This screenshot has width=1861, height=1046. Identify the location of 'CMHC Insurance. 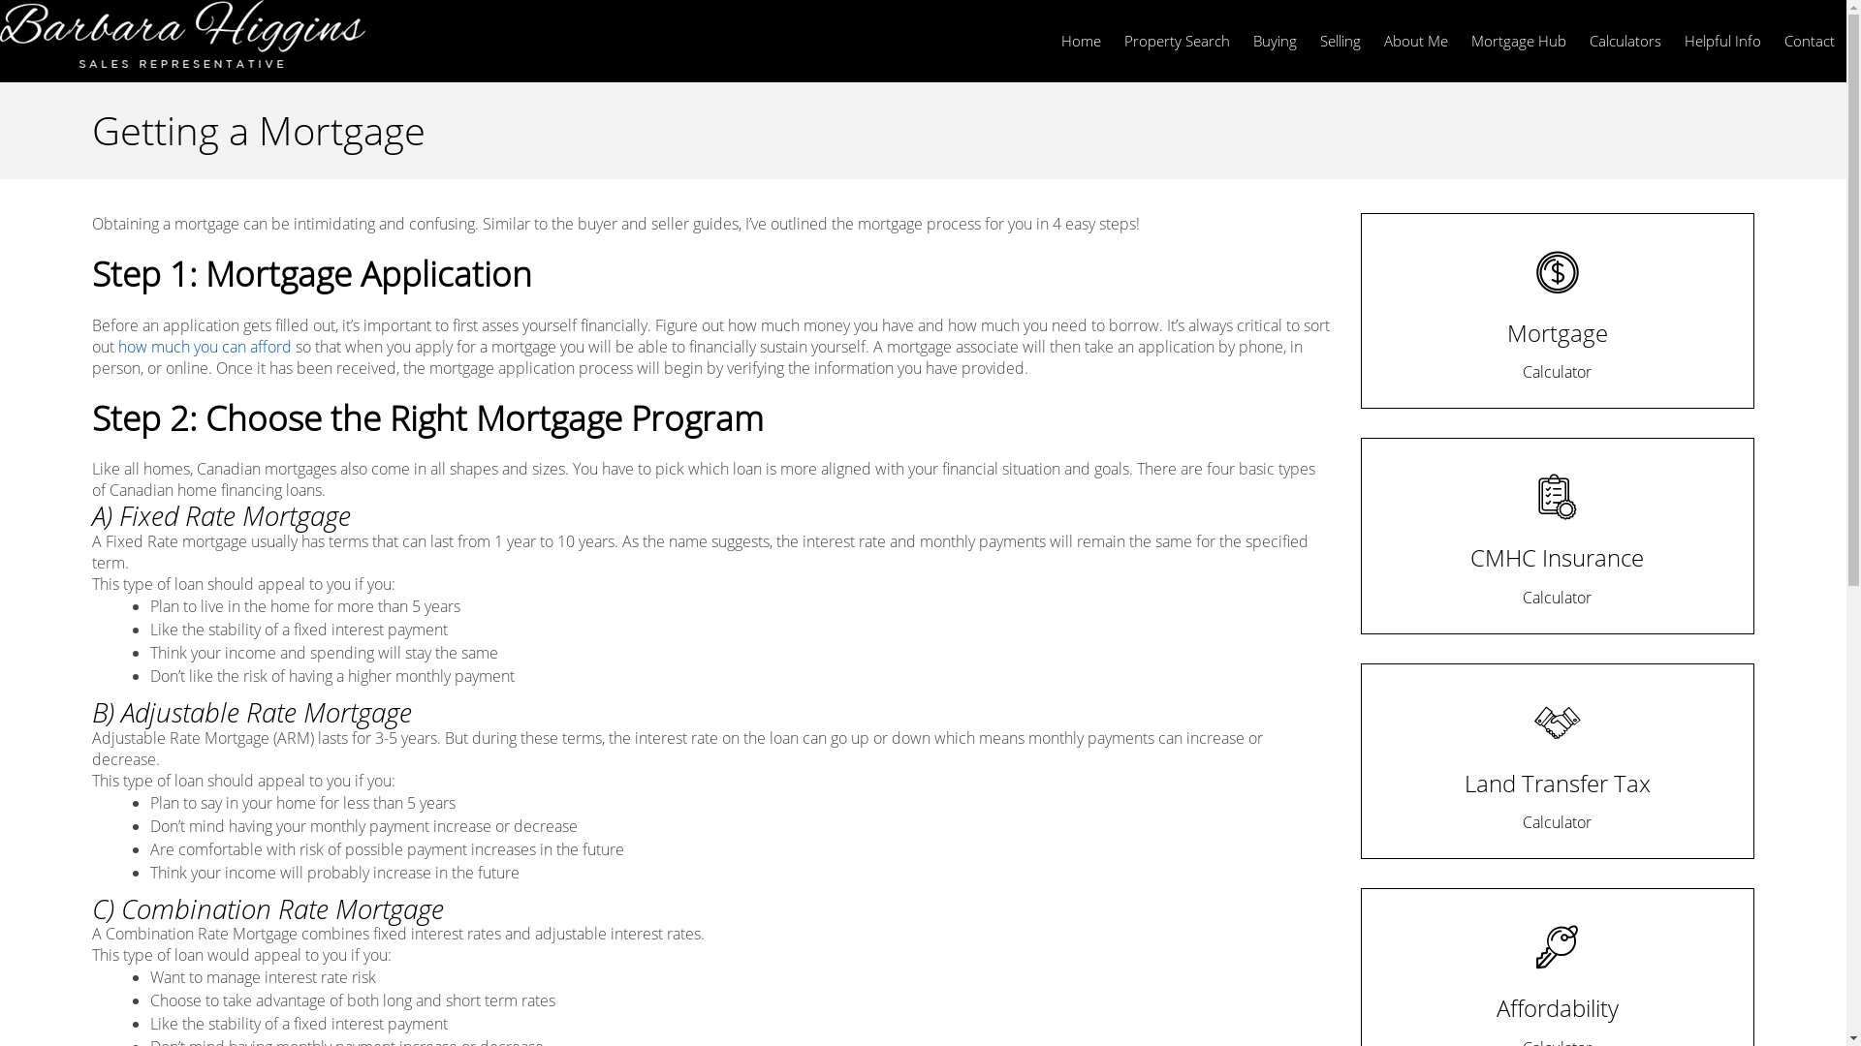
(1558, 535).